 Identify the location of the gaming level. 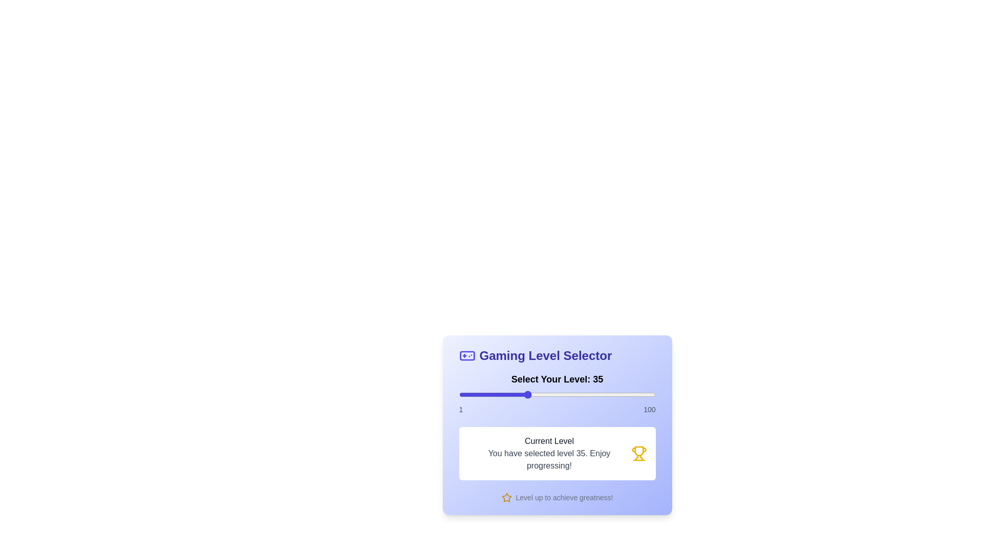
(590, 394).